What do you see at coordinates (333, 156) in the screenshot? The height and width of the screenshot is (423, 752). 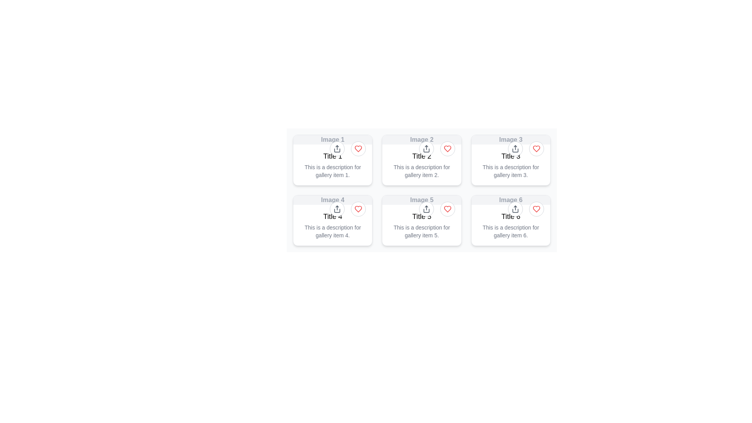 I see `the text label displaying 'Title 1' which is centrally located in the top left card of a 2-row, 3-column grid layout, positioned below 'Image 1'` at bounding box center [333, 156].